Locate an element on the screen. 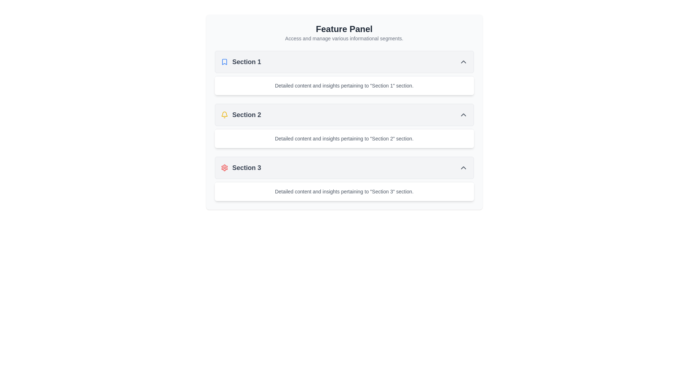 This screenshot has width=691, height=389. the blue bookmark icon located to the left of the 'Section 1' label at the top of the list is located at coordinates (224, 62).